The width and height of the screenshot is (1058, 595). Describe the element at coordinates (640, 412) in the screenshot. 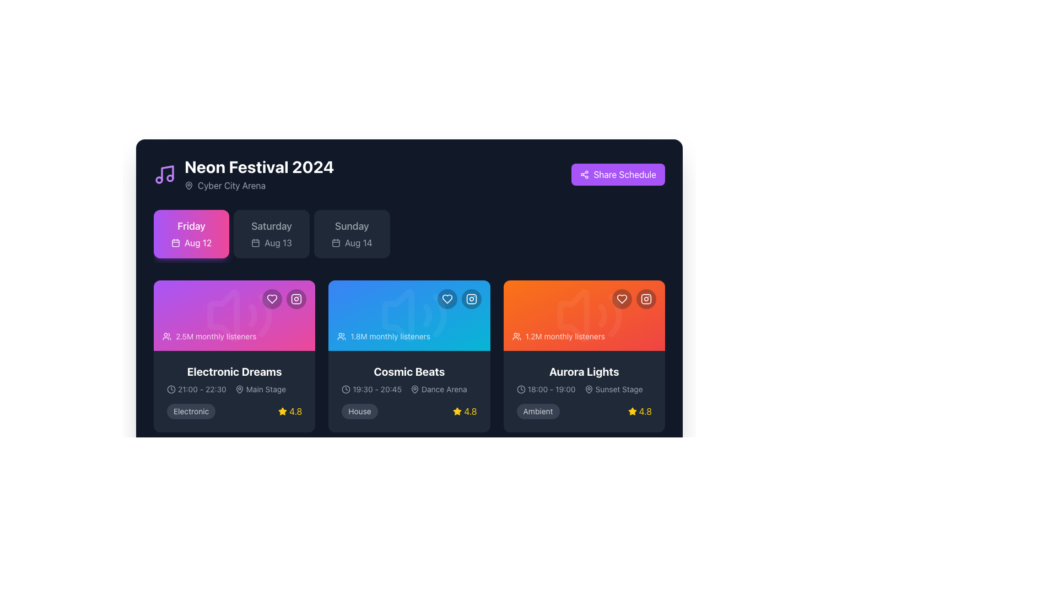

I see `the Rating display showing '4.8' with a yellow star icon located at the bottom-right corner of the 'Aurora Lights' card` at that location.